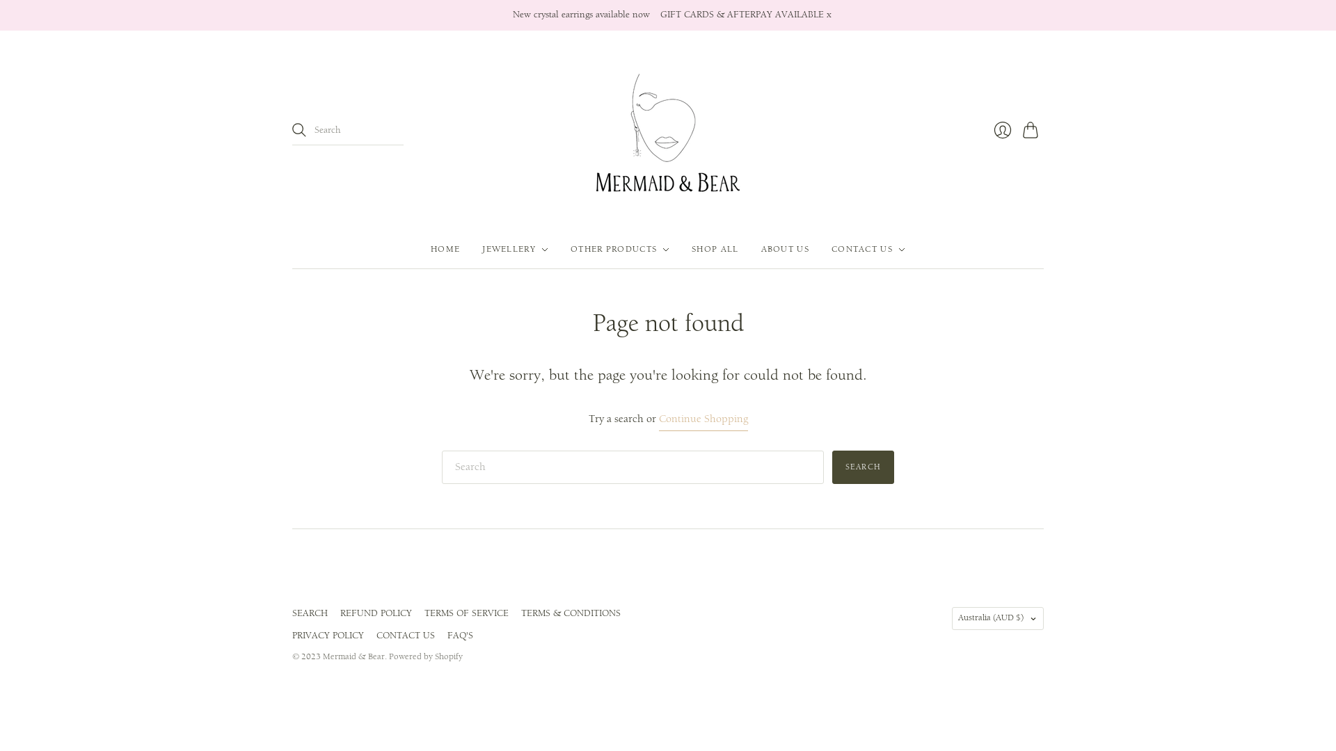  Describe the element at coordinates (309, 613) in the screenshot. I see `'SEARCH'` at that location.